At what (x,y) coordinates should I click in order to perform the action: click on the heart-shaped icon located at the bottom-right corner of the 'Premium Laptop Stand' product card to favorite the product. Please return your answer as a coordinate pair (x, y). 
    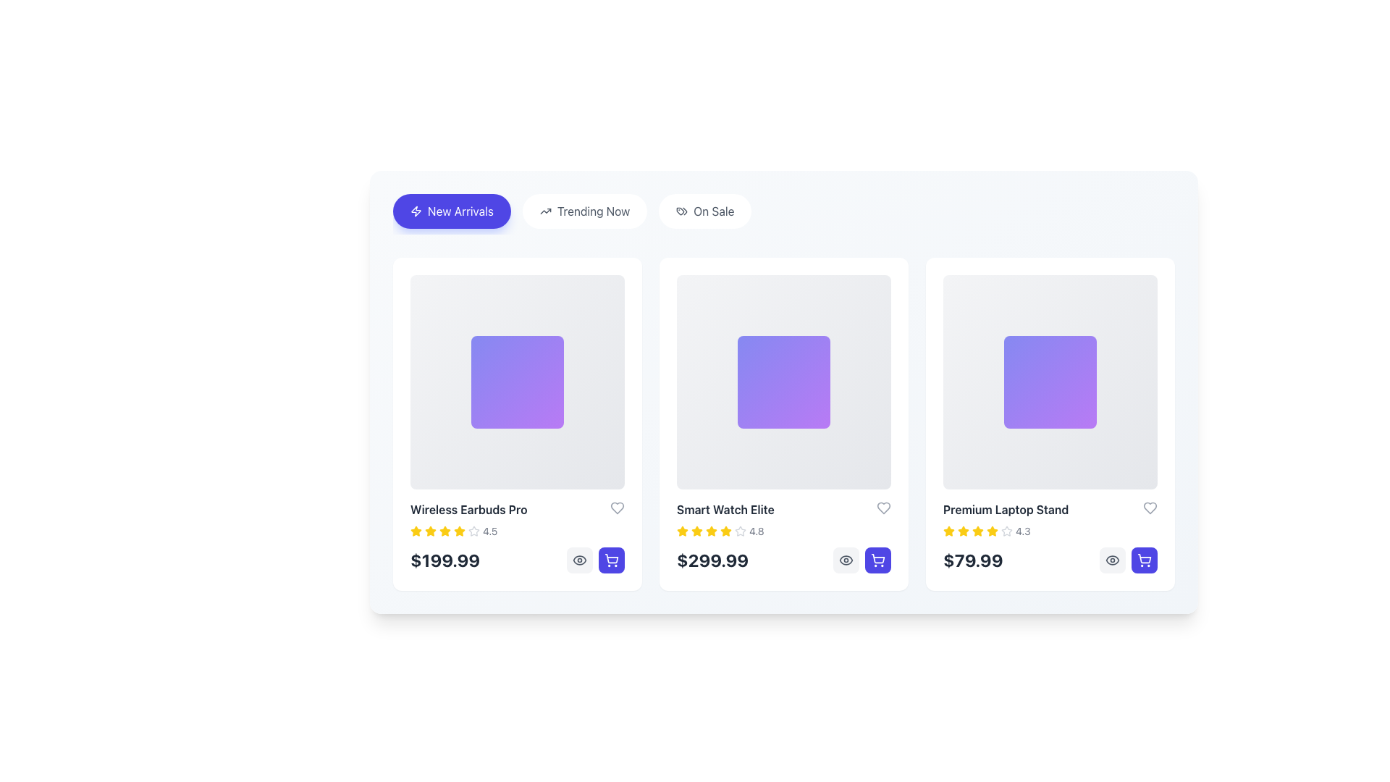
    Looking at the image, I should click on (1149, 508).